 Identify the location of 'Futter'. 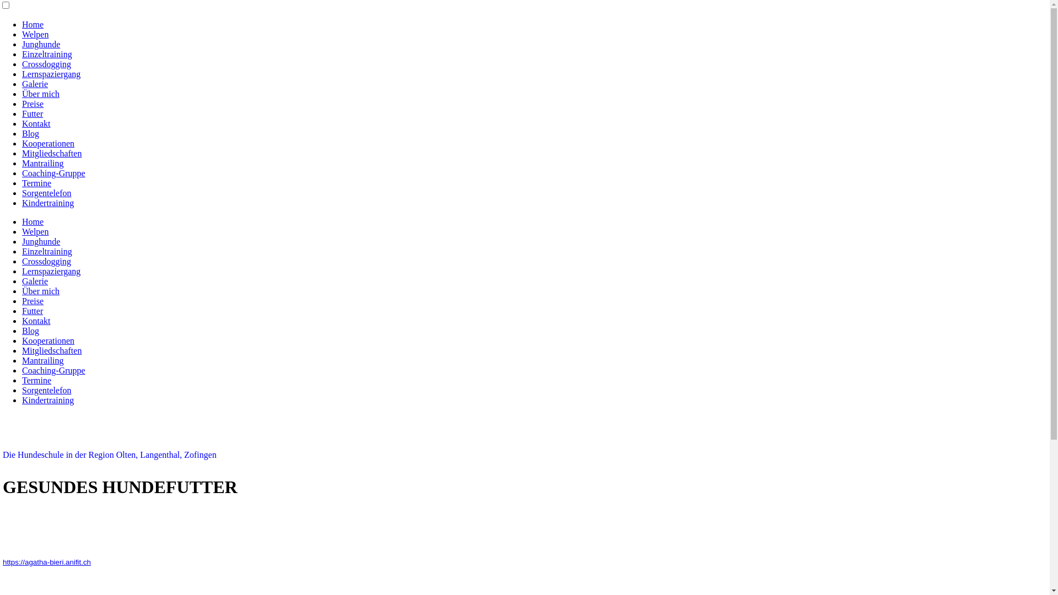
(21, 113).